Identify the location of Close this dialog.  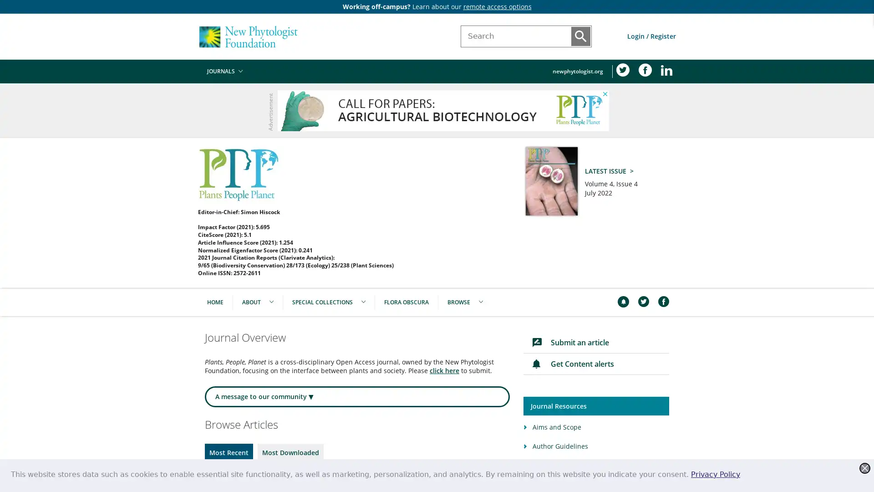
(864, 468).